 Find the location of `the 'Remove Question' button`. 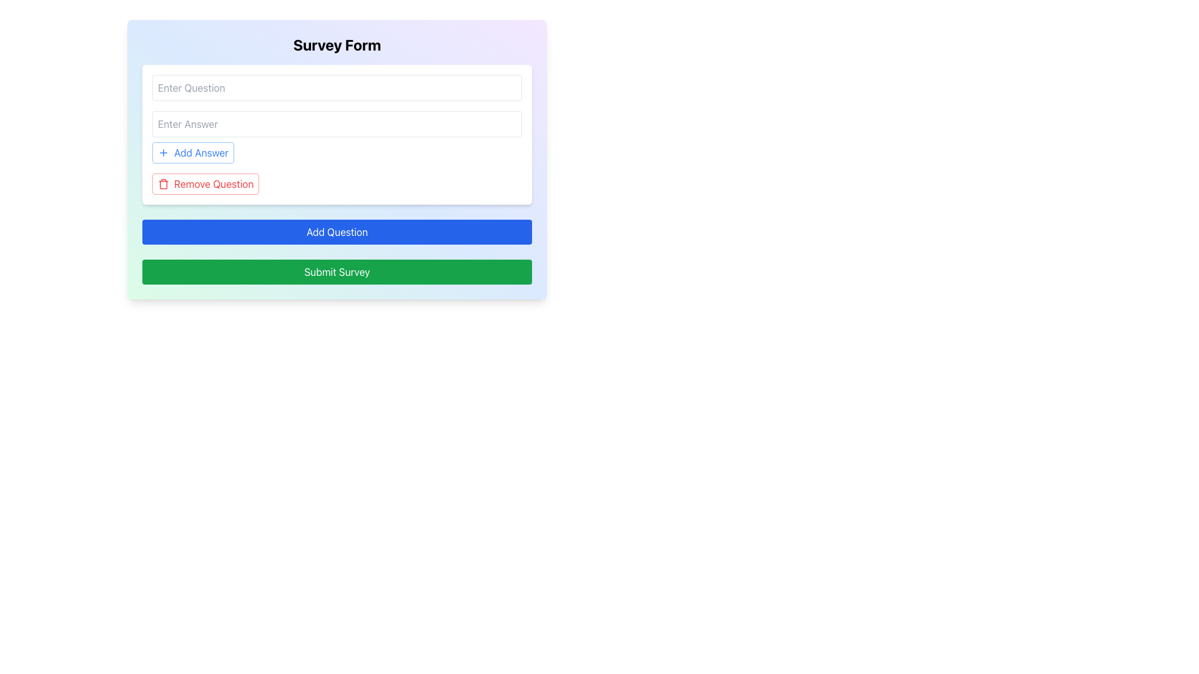

the 'Remove Question' button is located at coordinates (205, 183).